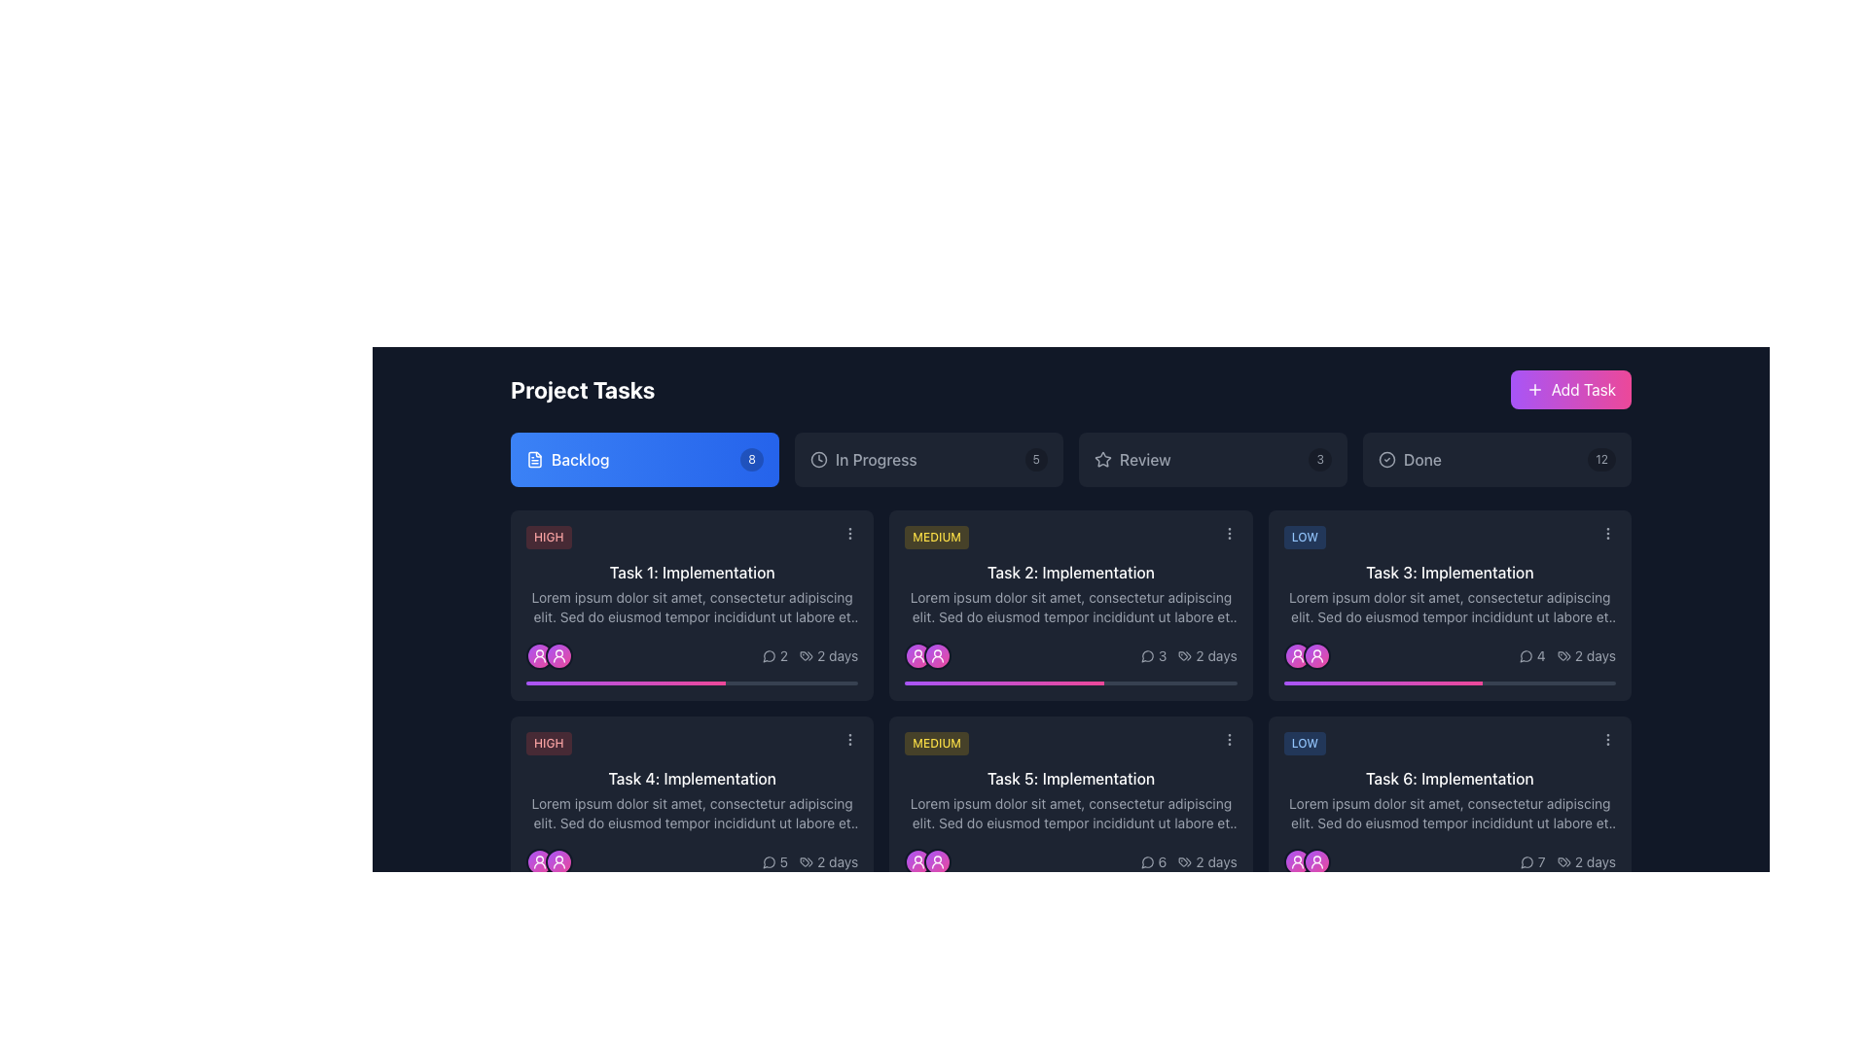 The width and height of the screenshot is (1868, 1050). I want to click on the rounded graphical component with a gradient background transitioning from purple to pink, which contains a white user outline icon. This element is the second in a horizontal arrangement of circular user icons on the left side of the second task card in the backlog category, so click(558, 656).